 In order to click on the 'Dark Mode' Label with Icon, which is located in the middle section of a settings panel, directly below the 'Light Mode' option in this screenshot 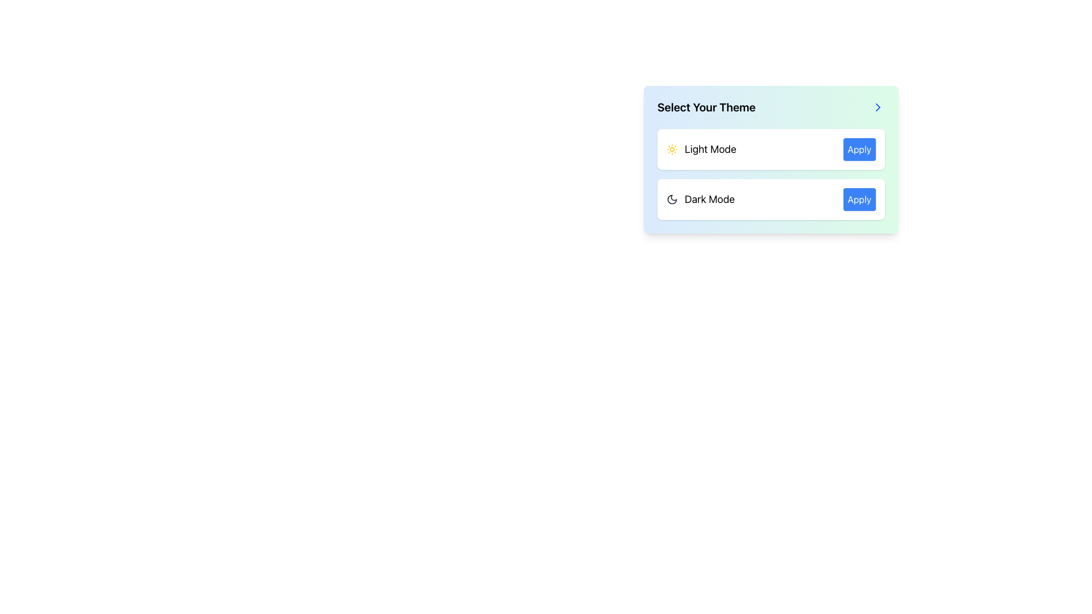, I will do `click(700, 199)`.